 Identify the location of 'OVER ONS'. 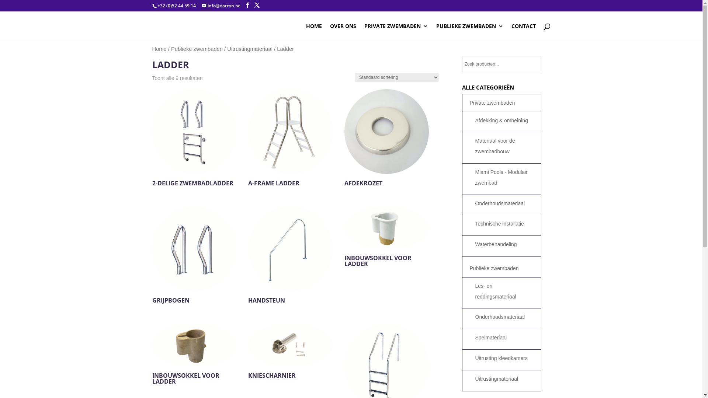
(342, 32).